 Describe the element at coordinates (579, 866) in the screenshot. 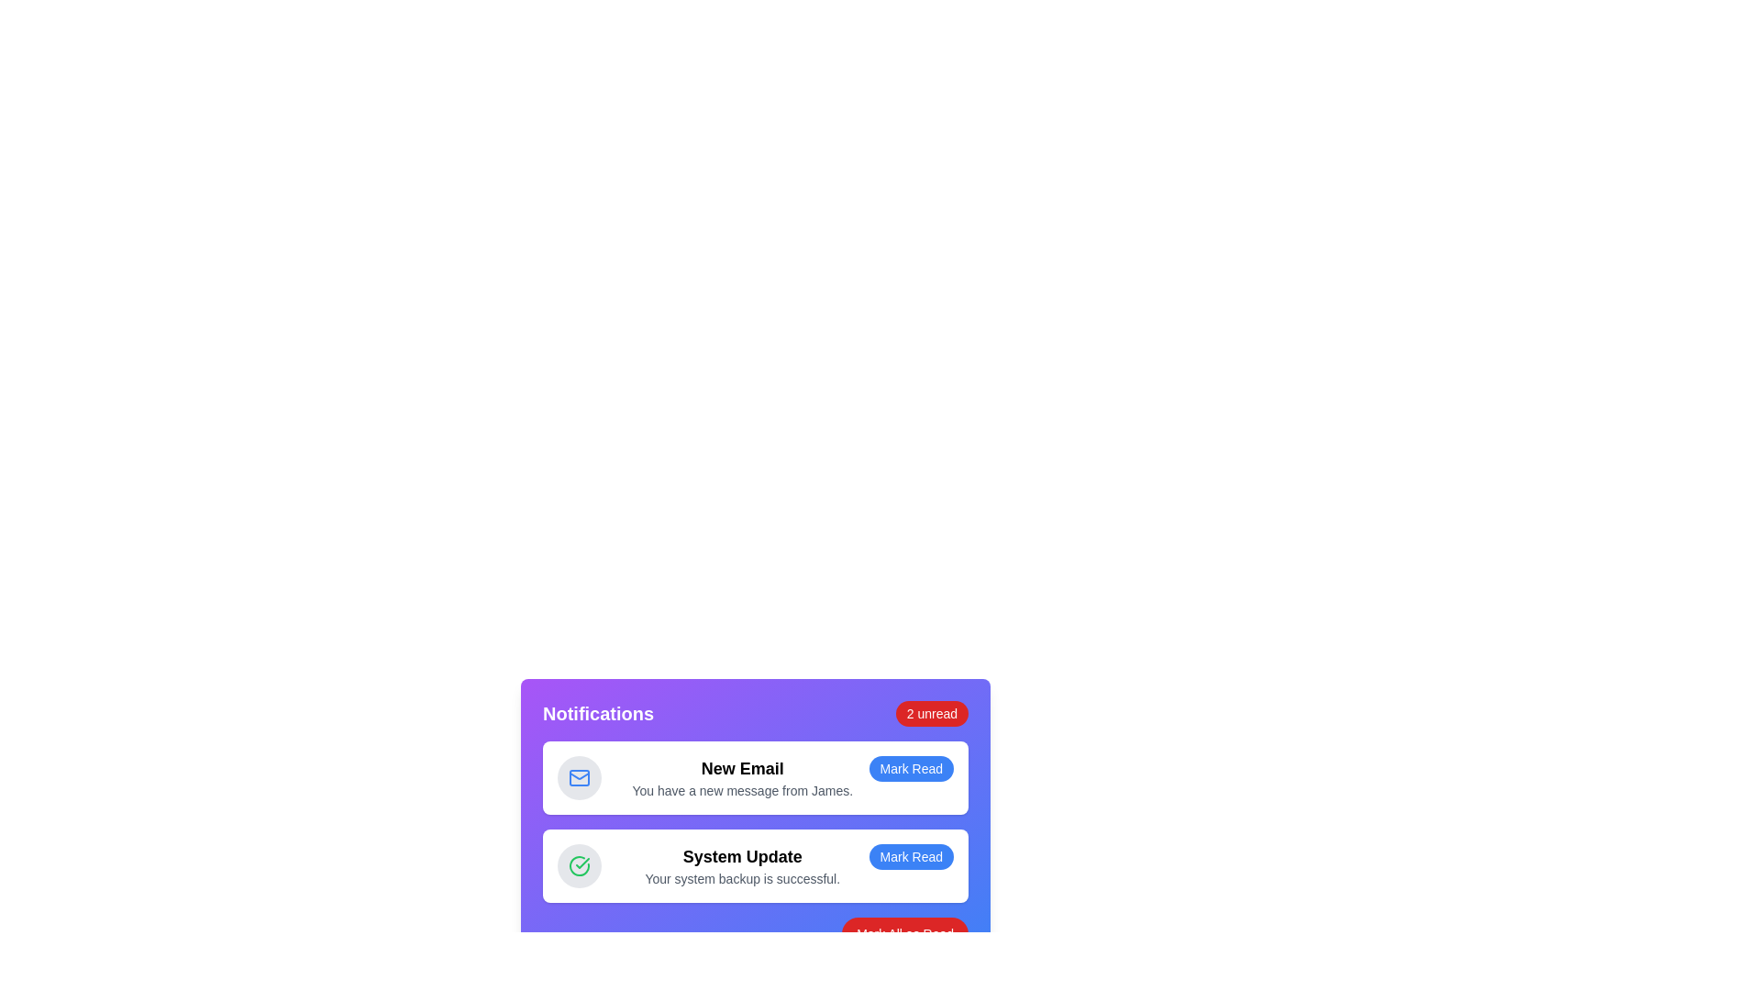

I see `the green circular icon with a checkmark indicating a success status, which is part of the 'System Update' notification in a purple-themed card` at that location.